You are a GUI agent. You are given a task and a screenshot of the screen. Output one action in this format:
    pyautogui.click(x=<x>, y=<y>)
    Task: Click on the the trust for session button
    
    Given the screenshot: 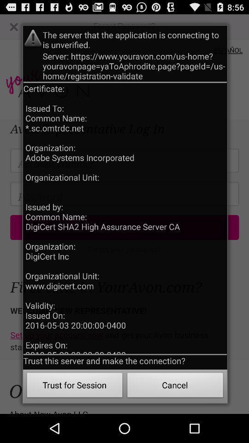 What is the action you would take?
    pyautogui.click(x=74, y=386)
    